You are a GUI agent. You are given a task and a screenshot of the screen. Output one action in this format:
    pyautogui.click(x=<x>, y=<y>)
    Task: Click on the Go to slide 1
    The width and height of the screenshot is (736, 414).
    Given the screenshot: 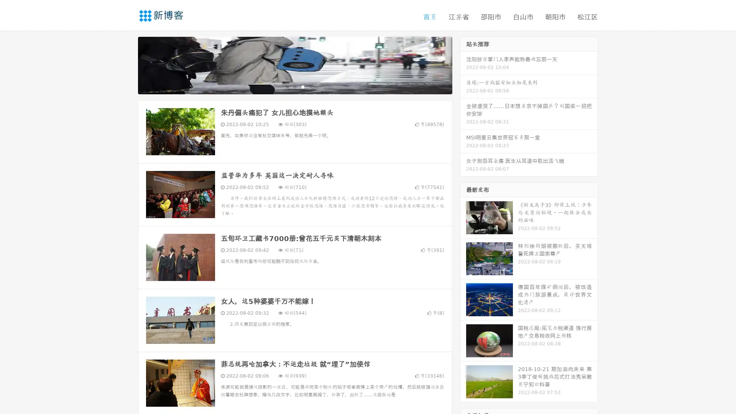 What is the action you would take?
    pyautogui.click(x=287, y=86)
    